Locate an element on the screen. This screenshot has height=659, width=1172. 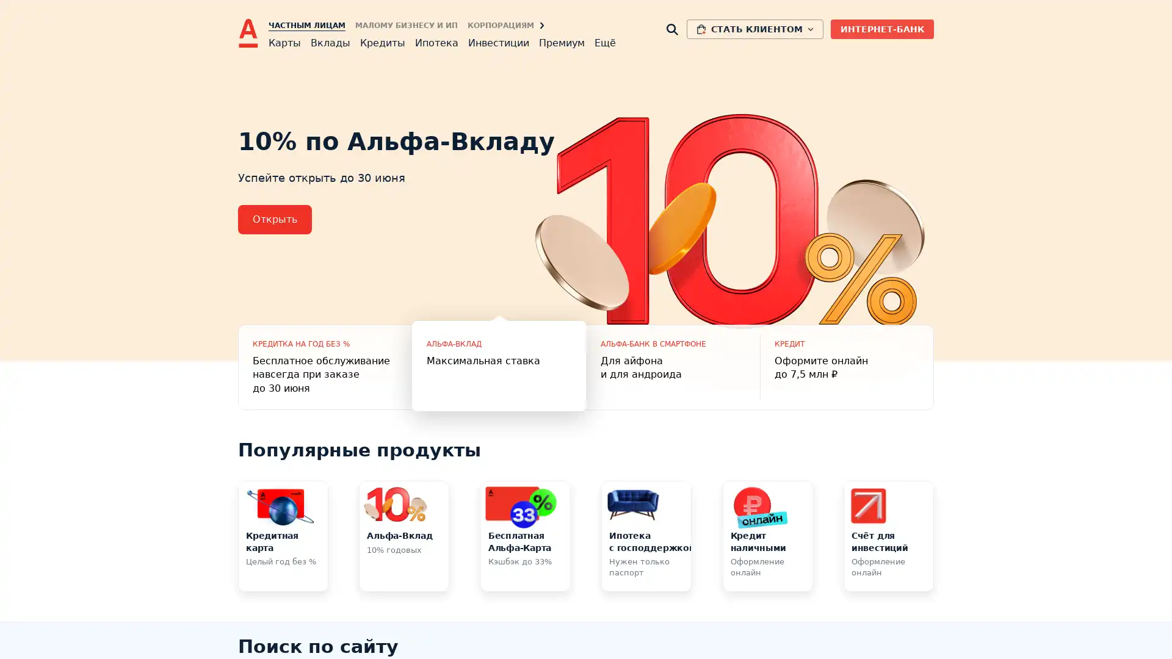
- is located at coordinates (499, 366).